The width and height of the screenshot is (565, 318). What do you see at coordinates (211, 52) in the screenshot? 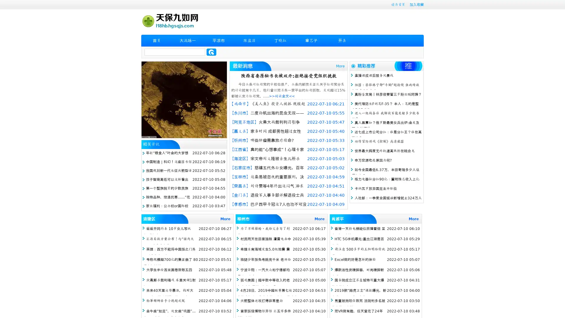
I see `Search` at bounding box center [211, 52].